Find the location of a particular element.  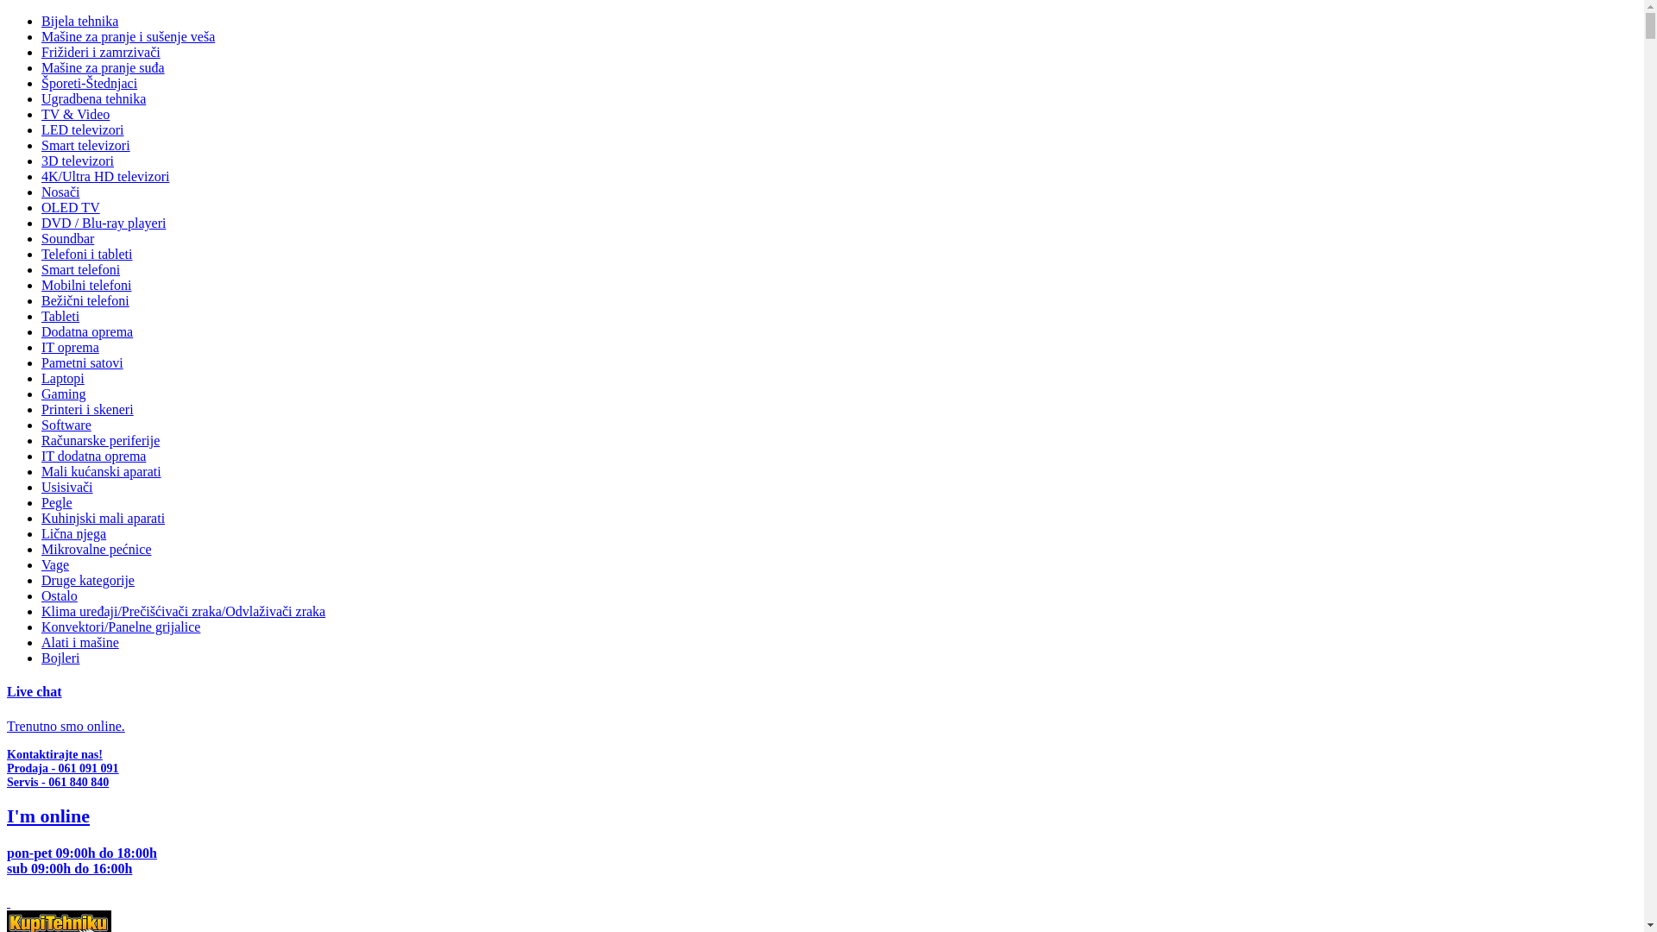

'Telefoni i tableti' is located at coordinates (85, 254).